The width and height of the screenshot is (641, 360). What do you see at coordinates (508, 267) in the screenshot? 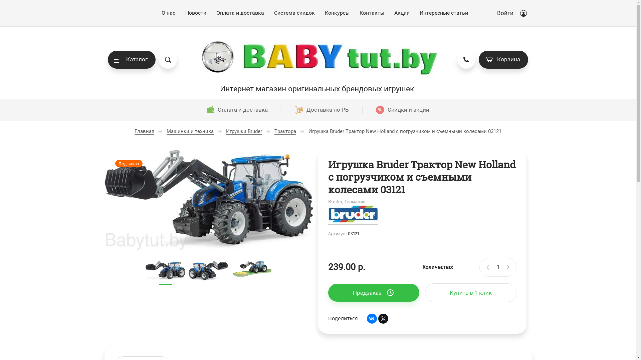
I see `'+'` at bounding box center [508, 267].